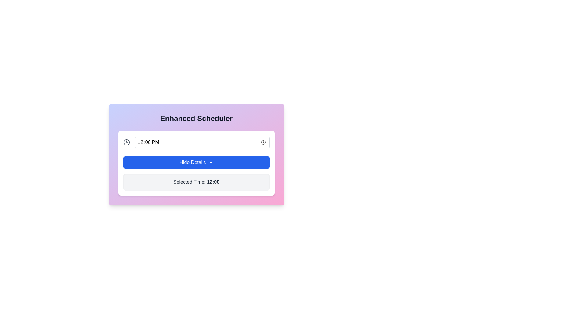 The height and width of the screenshot is (330, 586). Describe the element at coordinates (211, 162) in the screenshot. I see `the Chevron-Up icon located to the right of the 'Hide Details' button` at that location.